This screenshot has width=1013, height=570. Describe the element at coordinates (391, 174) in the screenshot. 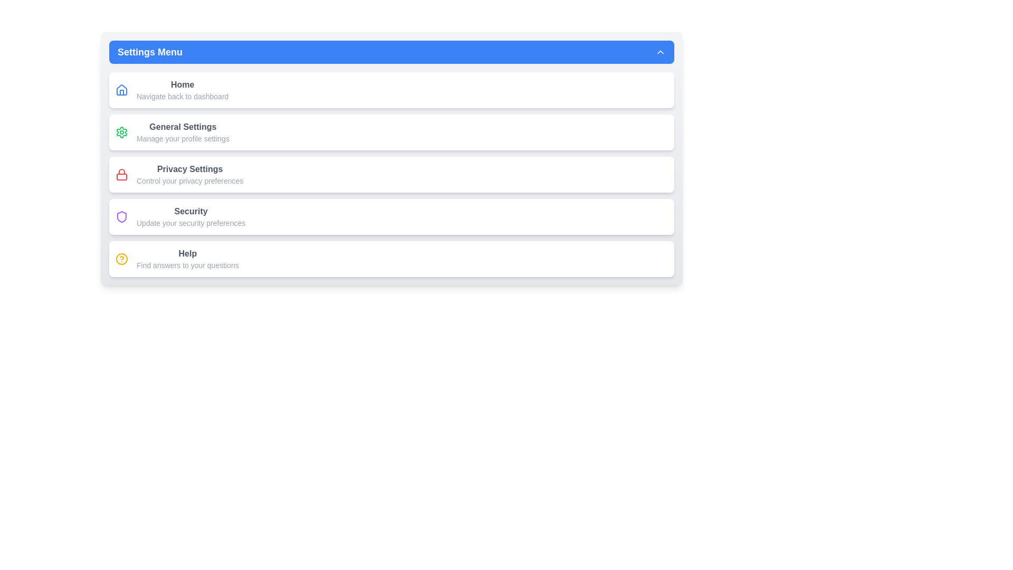

I see `the third Button-like list entry in the 'Settings Menu'` at that location.